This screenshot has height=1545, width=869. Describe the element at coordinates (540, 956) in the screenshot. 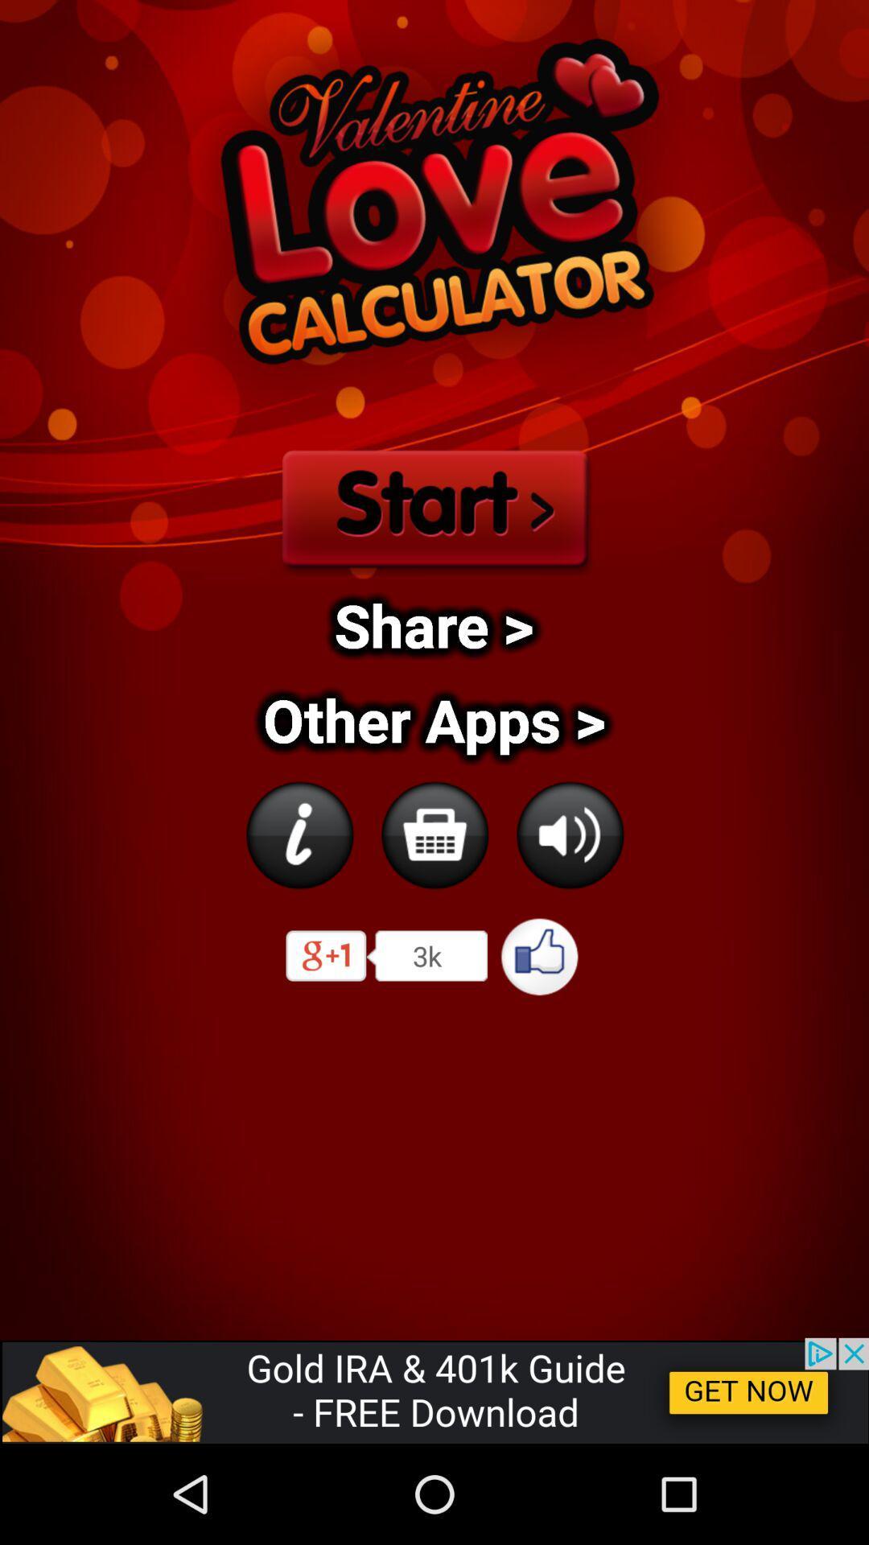

I see `like option` at that location.